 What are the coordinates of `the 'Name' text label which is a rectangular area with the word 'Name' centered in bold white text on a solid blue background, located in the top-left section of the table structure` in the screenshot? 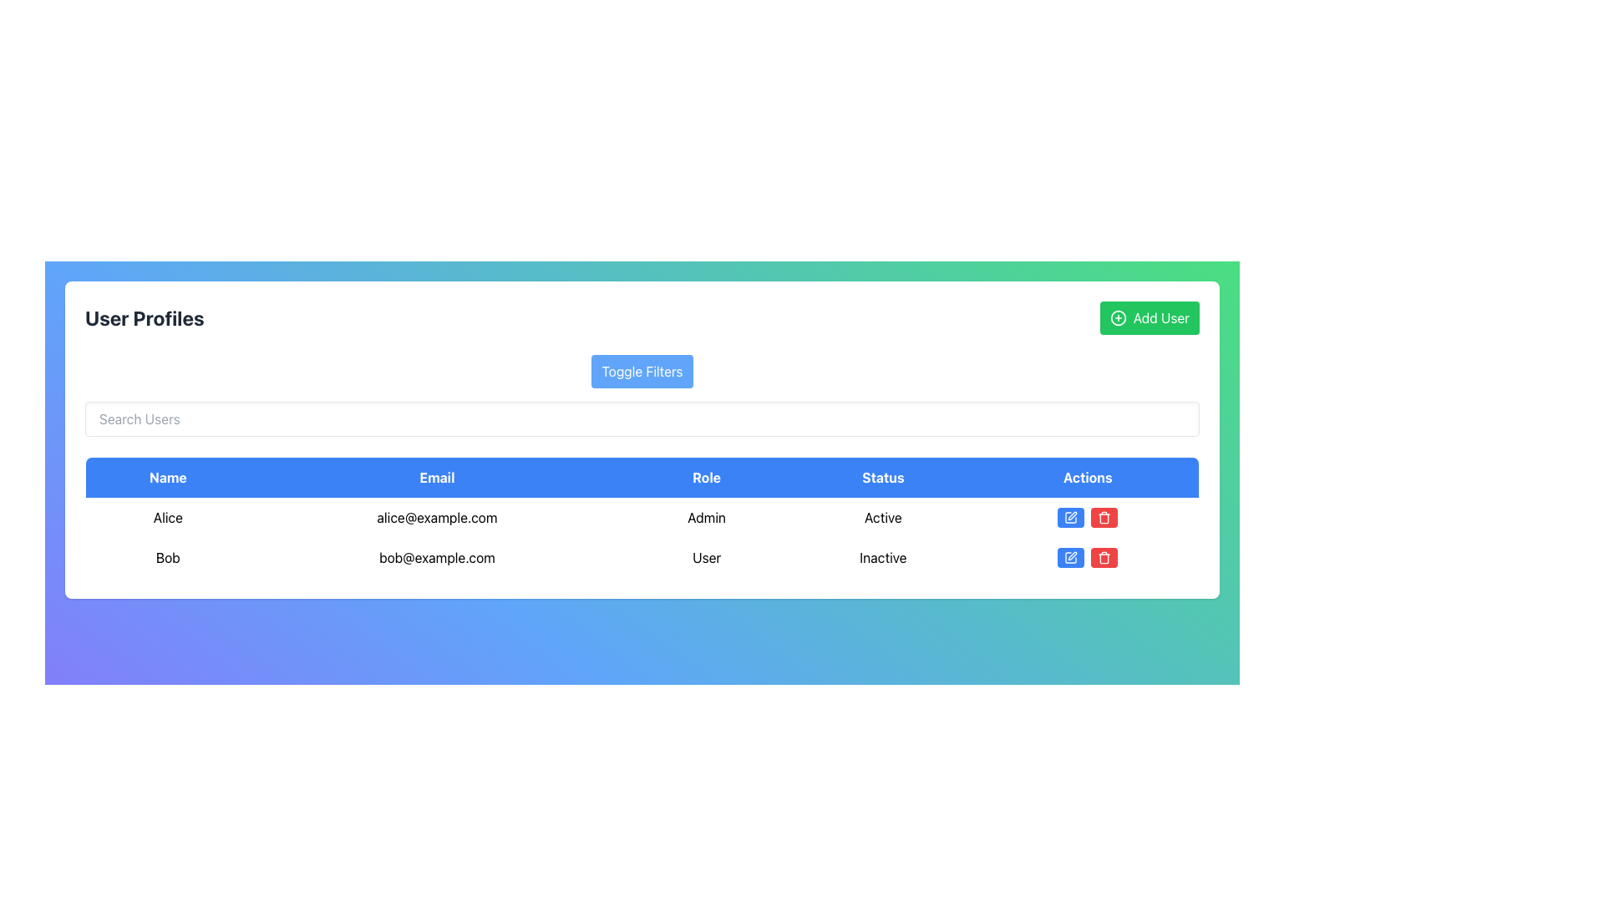 It's located at (168, 477).